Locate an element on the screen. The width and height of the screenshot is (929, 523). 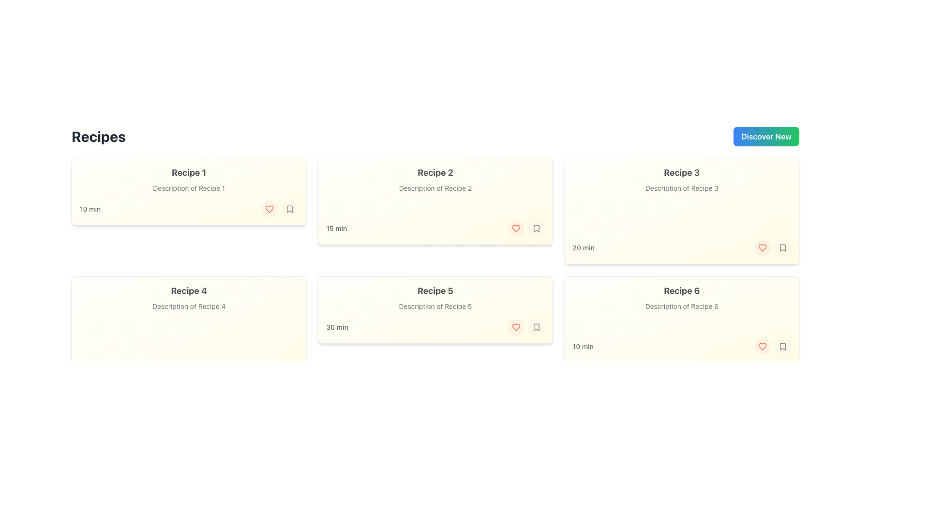
the static text indicating the time required for the recipe in the card labeled 'Recipe 3', located in the top-right section of the interface is located at coordinates (583, 247).